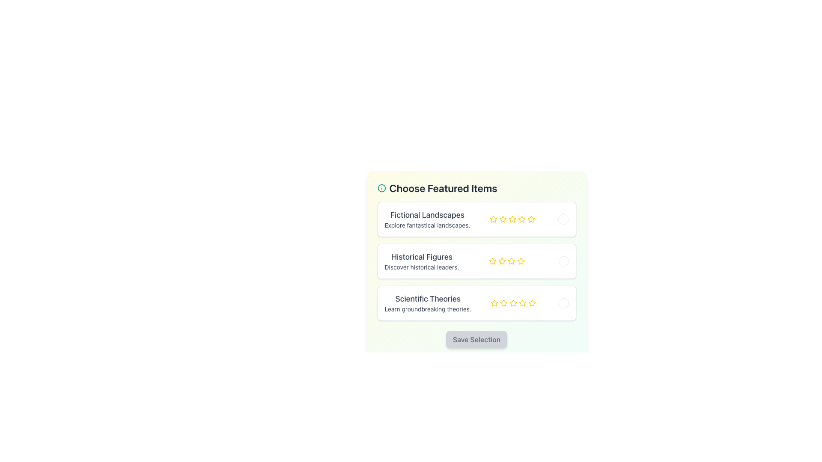 Image resolution: width=822 pixels, height=462 pixels. I want to click on the rating stars on the 'Historical Figures' selection card, which is the second card in the list under 'Choose Featured Items', so click(476, 261).